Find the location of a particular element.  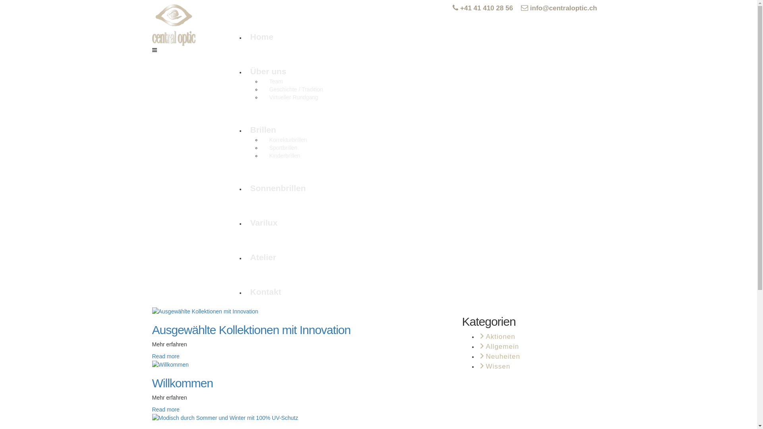

'Aktionen' is located at coordinates (496, 336).